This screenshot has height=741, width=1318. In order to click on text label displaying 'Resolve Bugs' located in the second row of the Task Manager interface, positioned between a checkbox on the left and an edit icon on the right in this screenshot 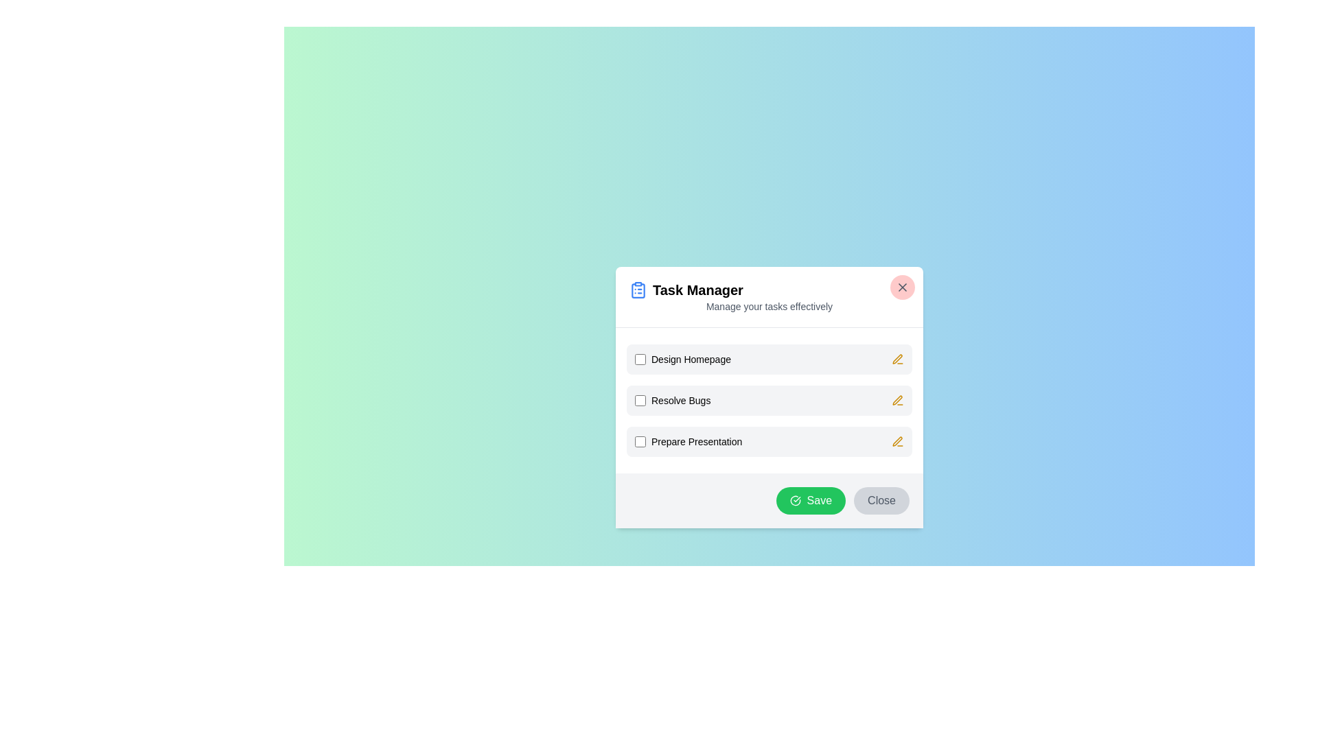, I will do `click(681, 400)`.